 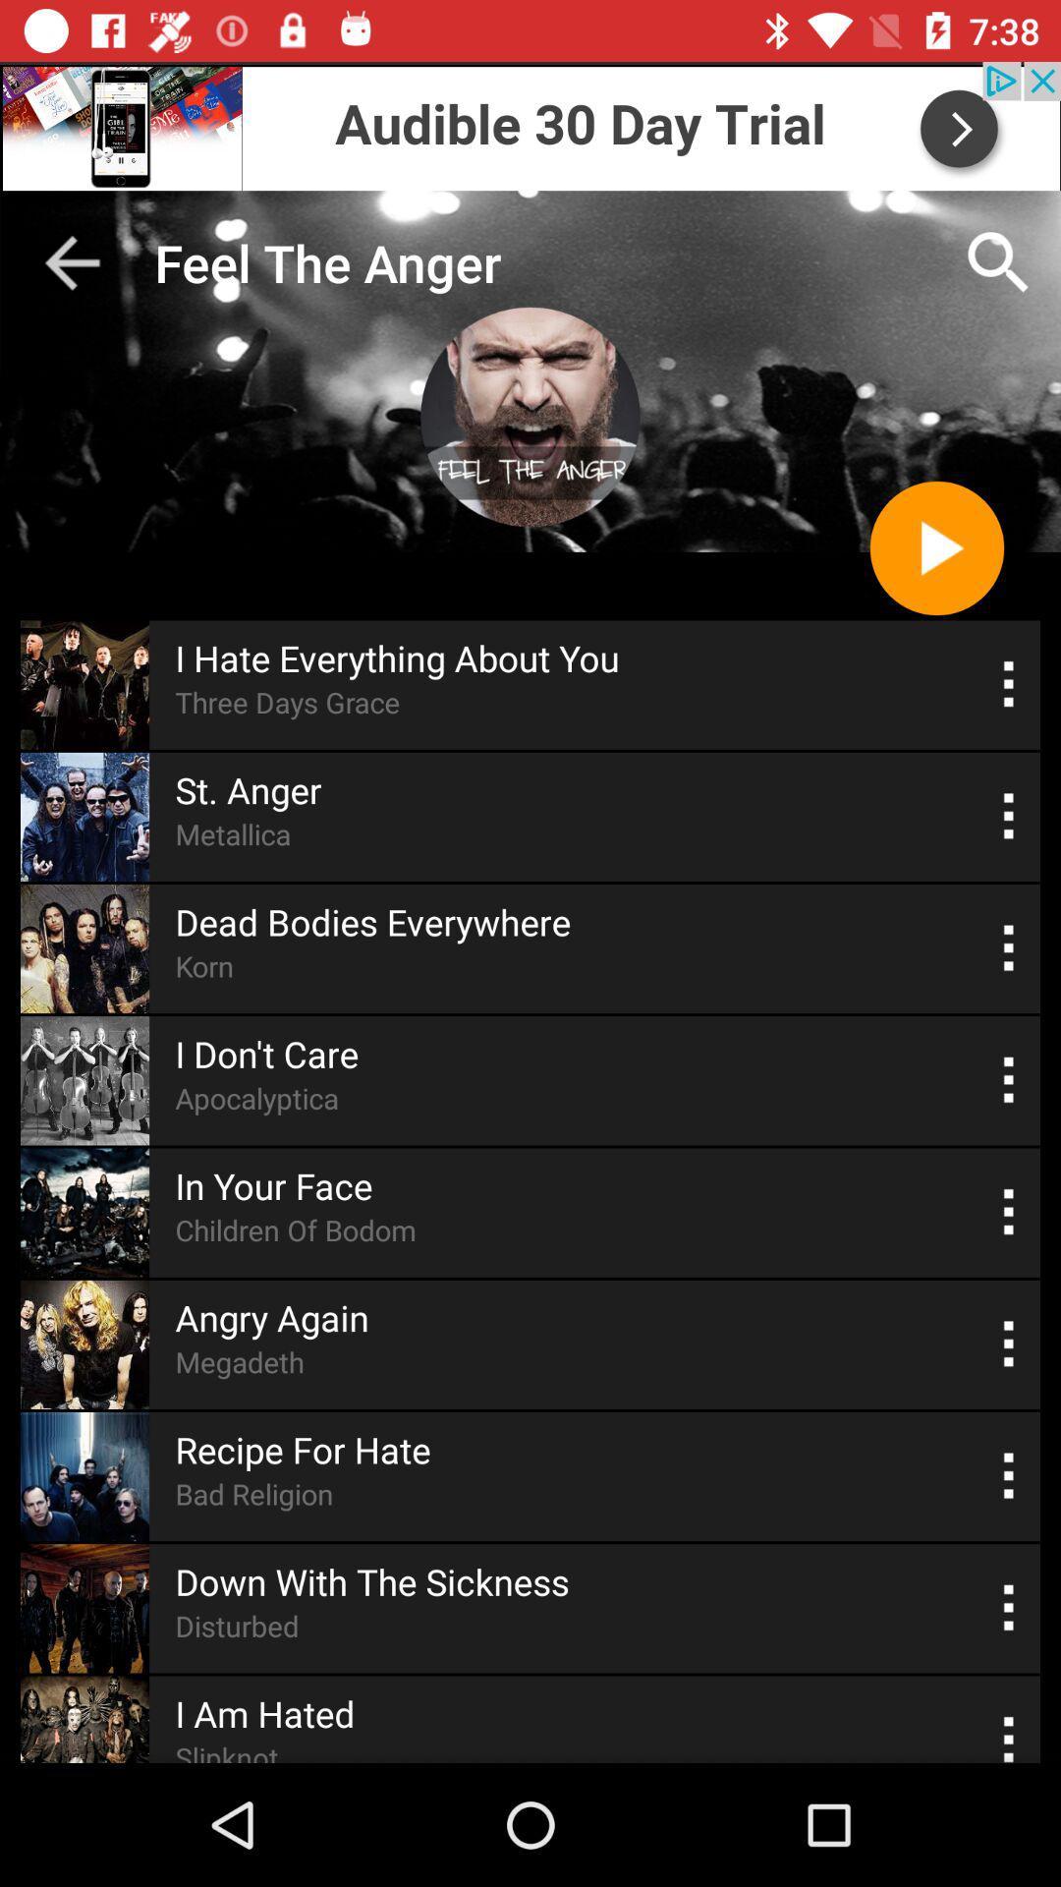 What do you see at coordinates (1009, 684) in the screenshot?
I see `the three vertical dots icon which is to the right side of i hate everything about you option` at bounding box center [1009, 684].